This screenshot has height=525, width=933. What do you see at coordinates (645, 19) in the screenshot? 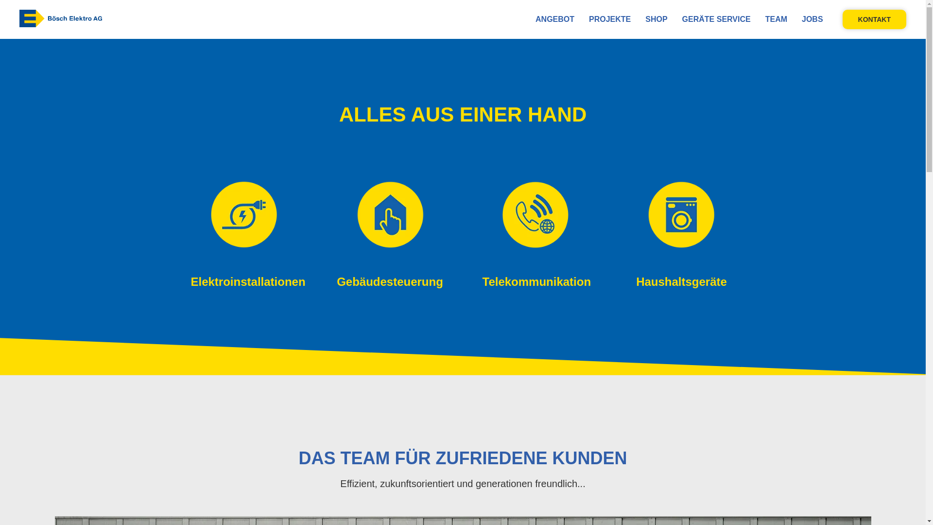
I see `'SHOP'` at bounding box center [645, 19].